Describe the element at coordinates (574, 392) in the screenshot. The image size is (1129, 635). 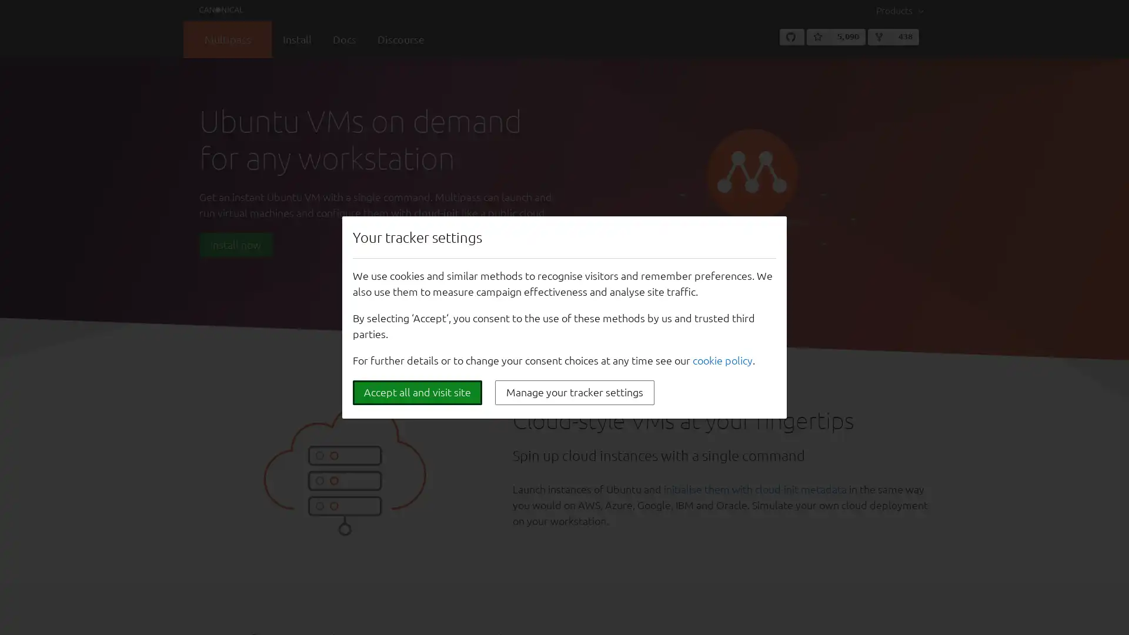
I see `Manage your tracker settings` at that location.